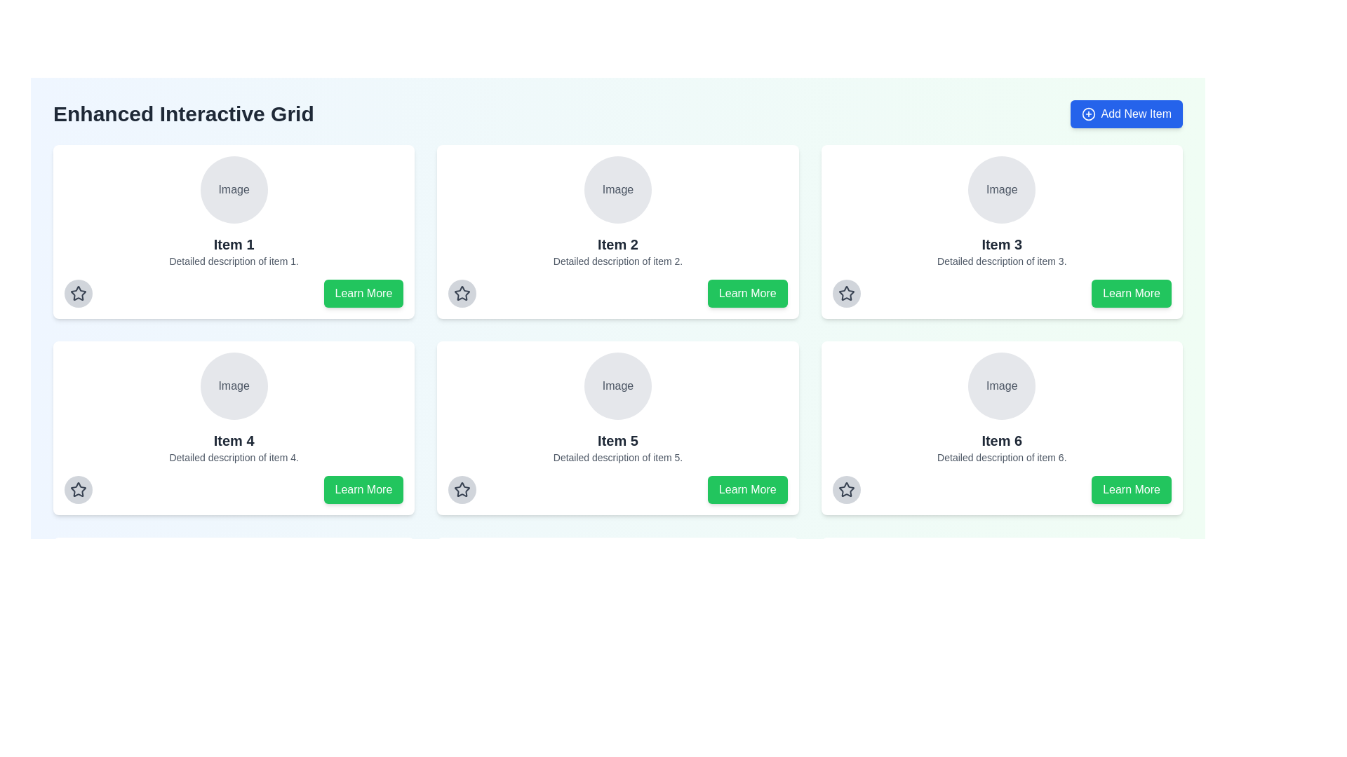 The width and height of the screenshot is (1347, 757). Describe the element at coordinates (77, 489) in the screenshot. I see `the star icon located in the lower-left corner of the 'Item 4' card to examine potential tooltip or style change` at that location.